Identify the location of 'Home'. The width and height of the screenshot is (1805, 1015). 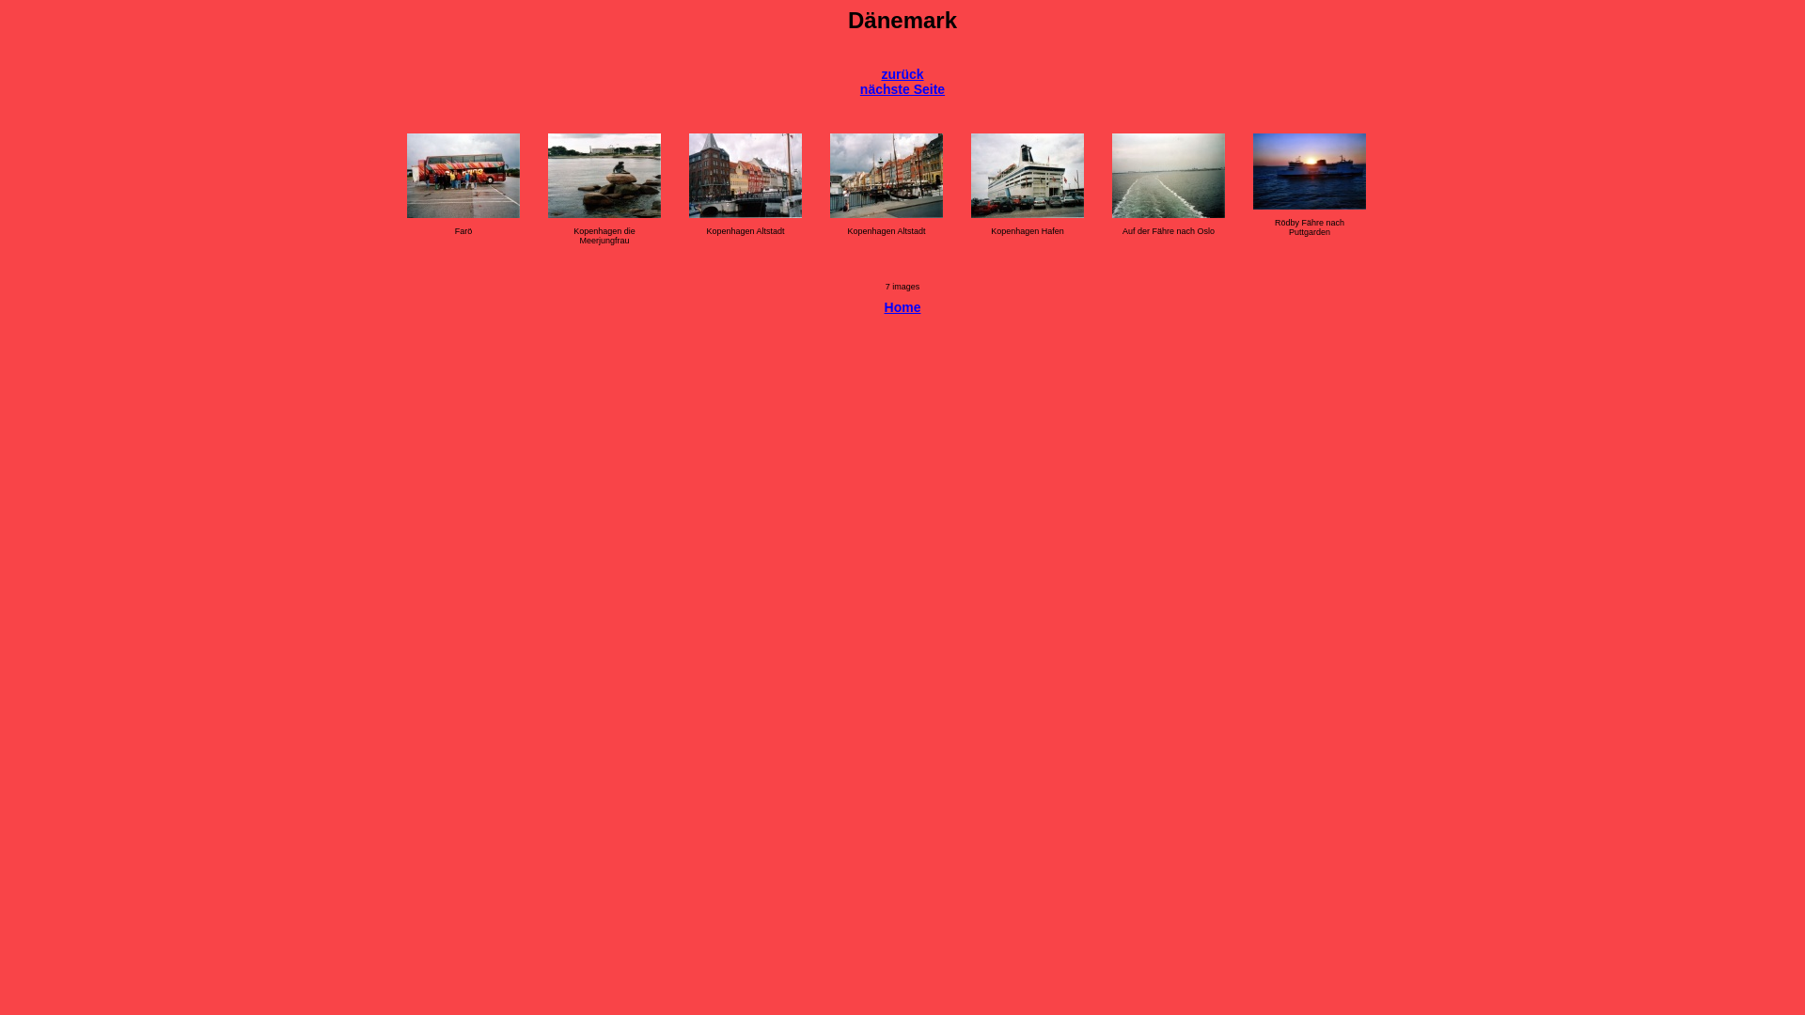
(902, 306).